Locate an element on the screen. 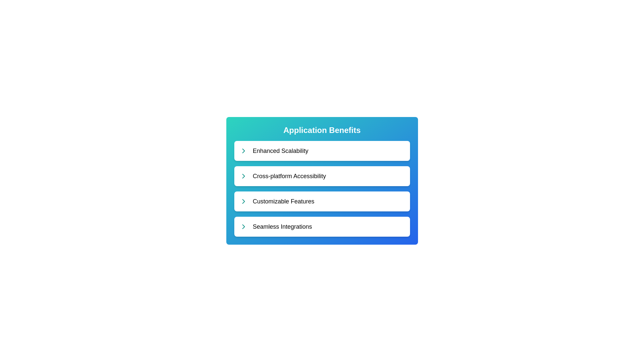 The width and height of the screenshot is (639, 359). the chevron icon at the start of the 'Customizable Features' row is located at coordinates (243, 201).